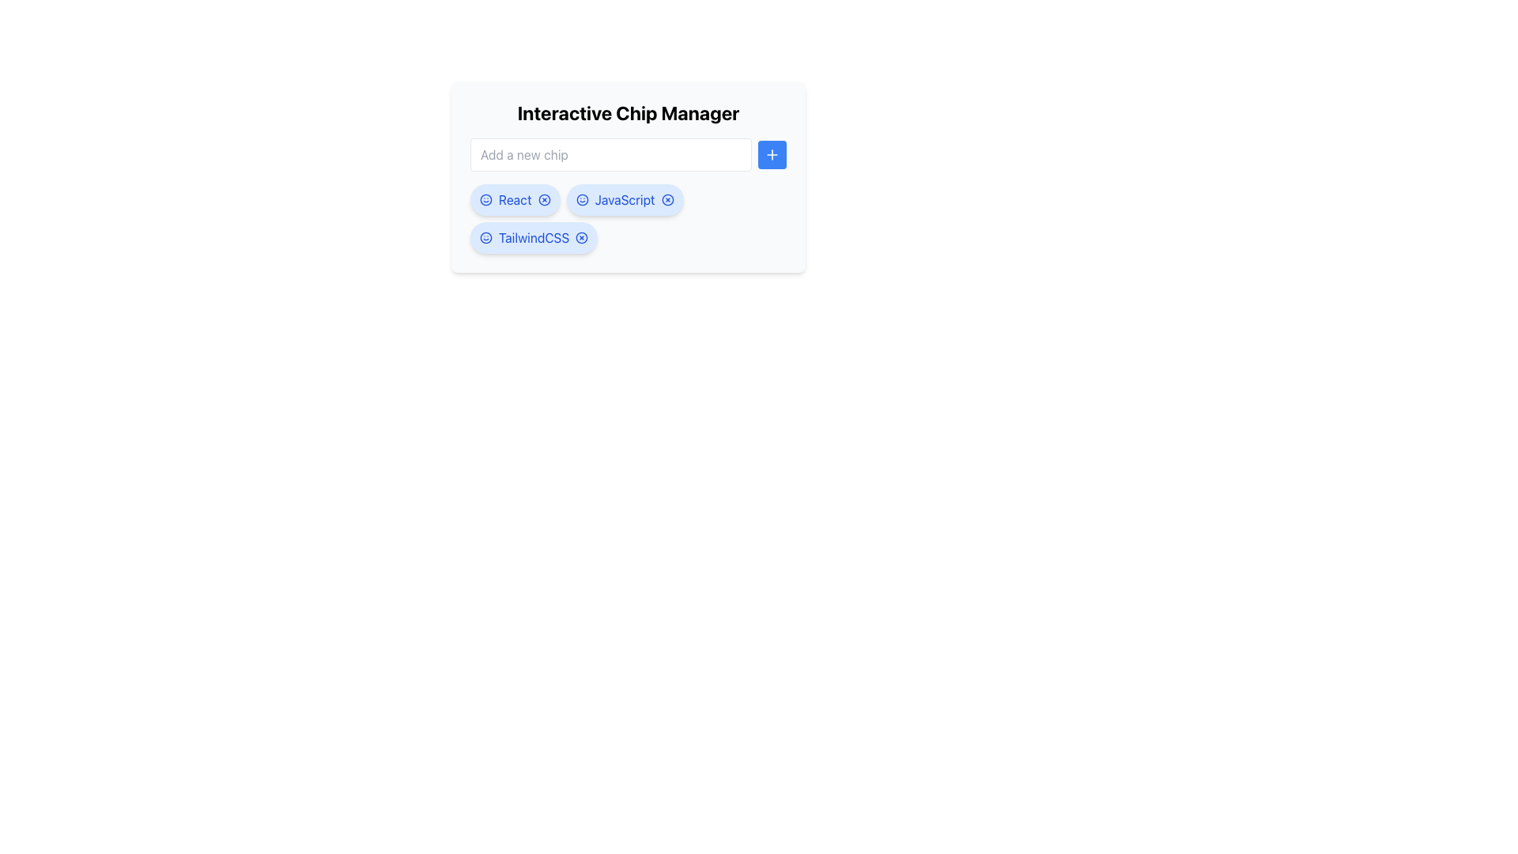  What do you see at coordinates (544, 199) in the screenshot?
I see `the circular outline icon with an 'X' at its center, located to the right of the 'React' chip` at bounding box center [544, 199].